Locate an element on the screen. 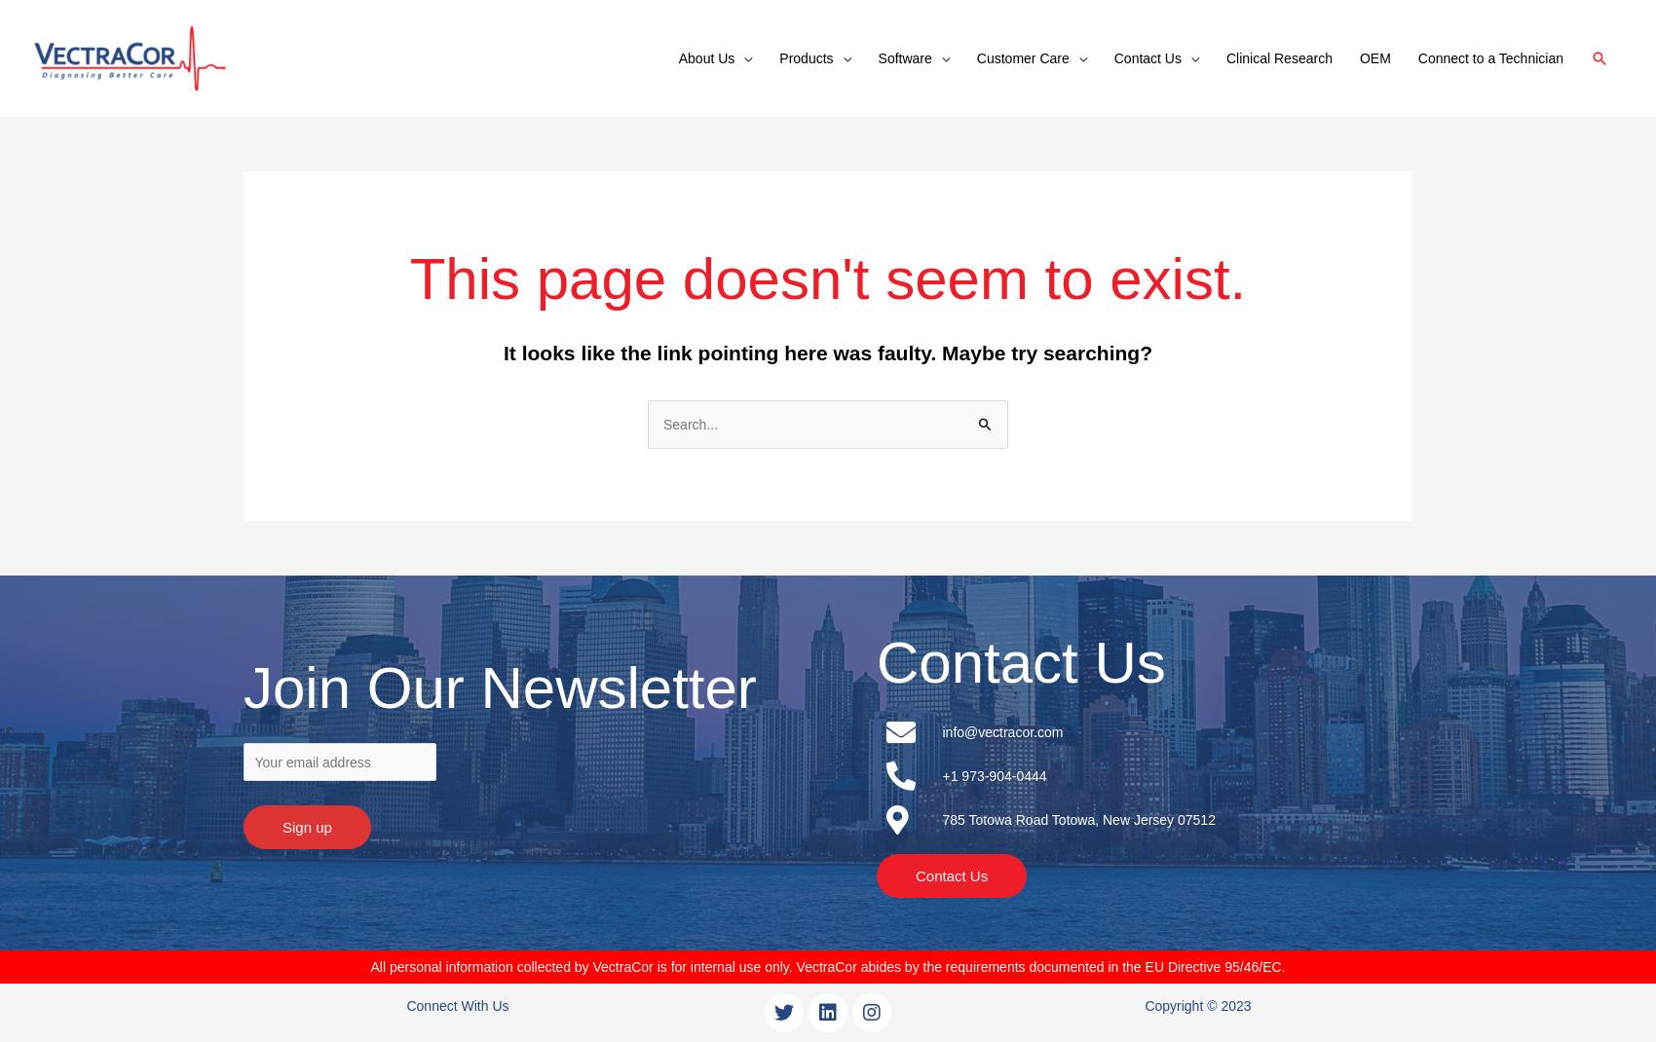 The height and width of the screenshot is (1042, 1656). 'info@vectracor.com' is located at coordinates (1001, 730).